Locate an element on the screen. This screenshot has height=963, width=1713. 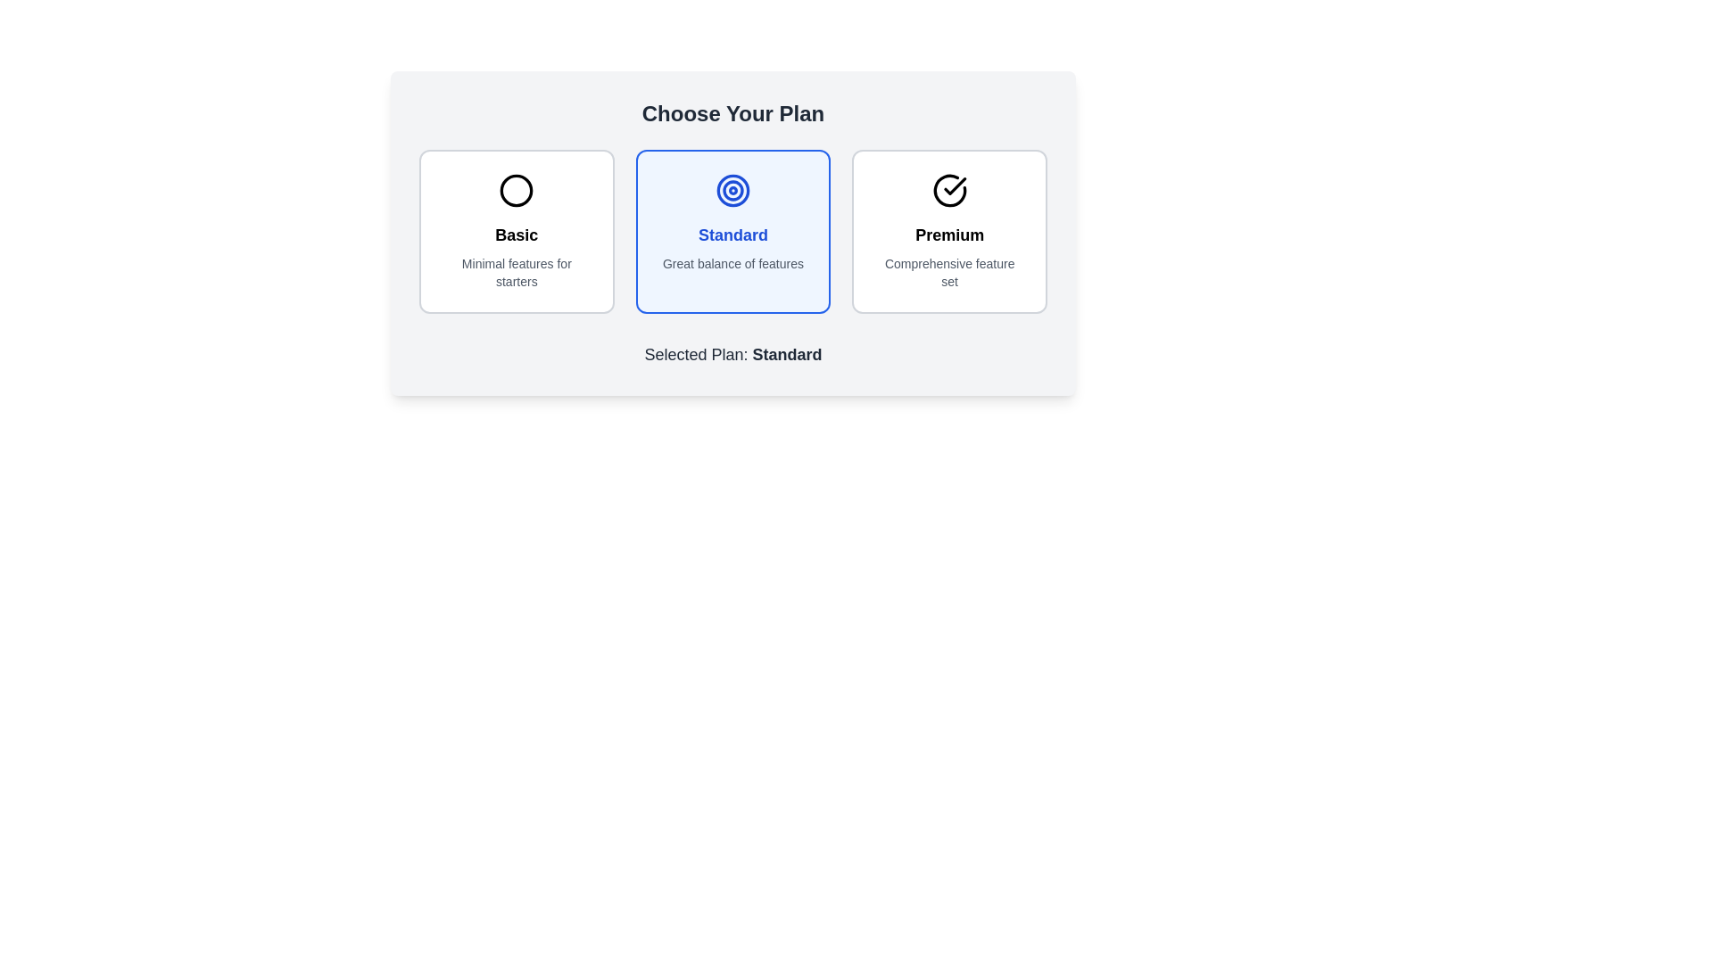
the checkmark icon indicating the selection state of the 'Premium' plan, which is located in the circular outline on the rightmost segment of the three horizontally arranged selectable plans is located at coordinates (954, 185).